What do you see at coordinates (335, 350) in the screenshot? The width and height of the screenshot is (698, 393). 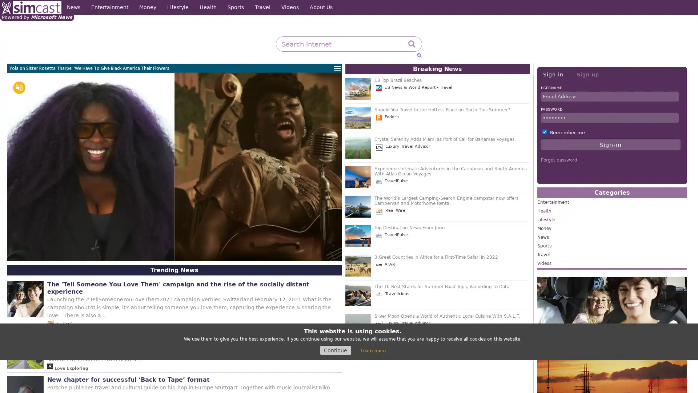 I see `Continue` at bounding box center [335, 350].